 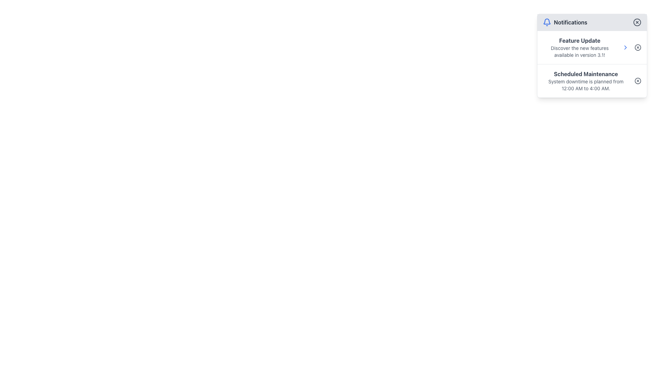 I want to click on the notification icon located to the left of the 'Notifications' text in the top bar of the notification panel, so click(x=546, y=22).